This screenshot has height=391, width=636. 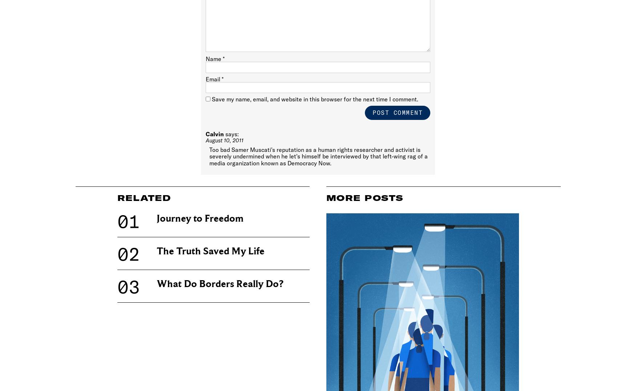 I want to click on 'Email', so click(x=213, y=78).